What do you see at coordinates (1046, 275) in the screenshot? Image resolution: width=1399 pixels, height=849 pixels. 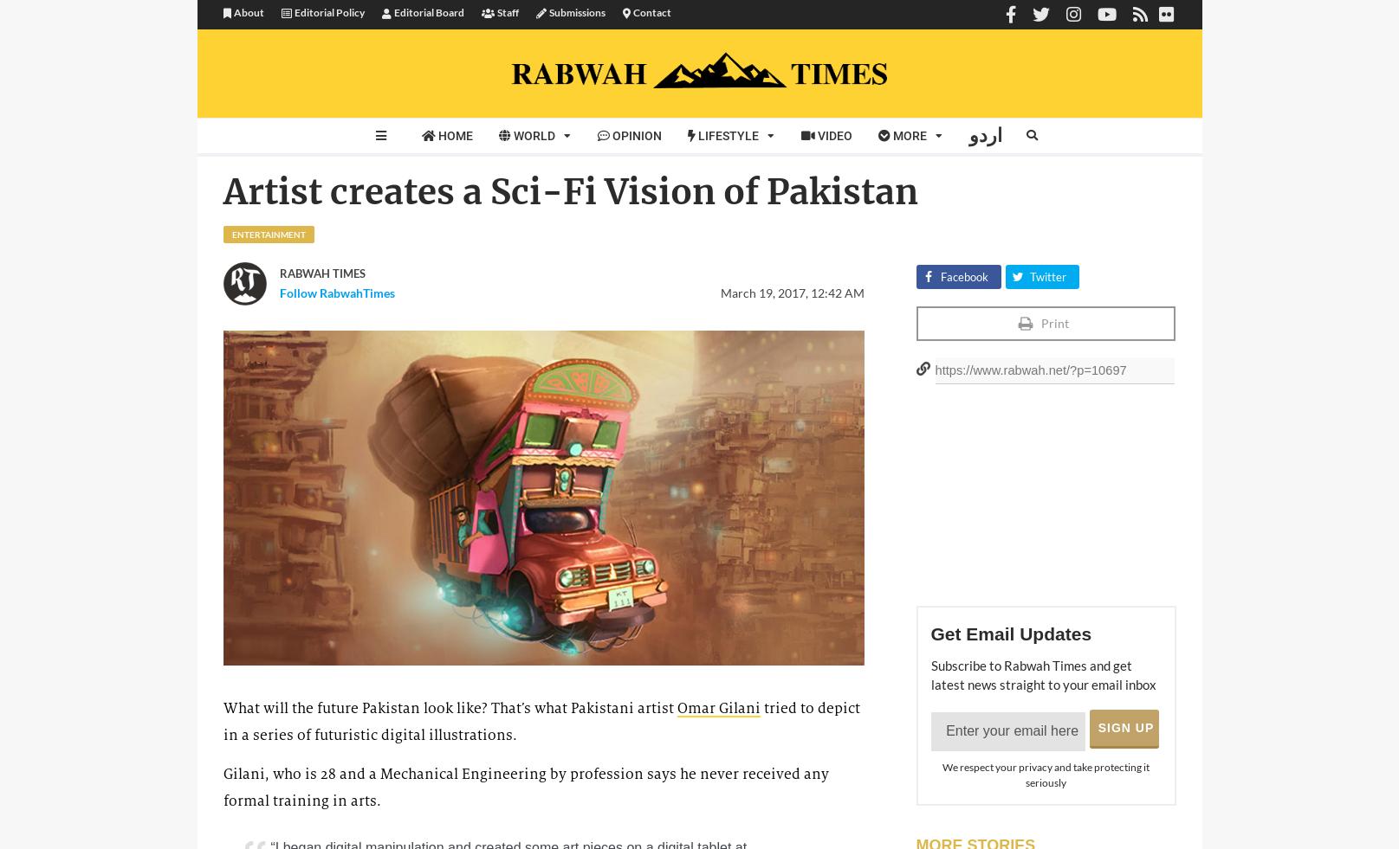 I see `'Twitter'` at bounding box center [1046, 275].